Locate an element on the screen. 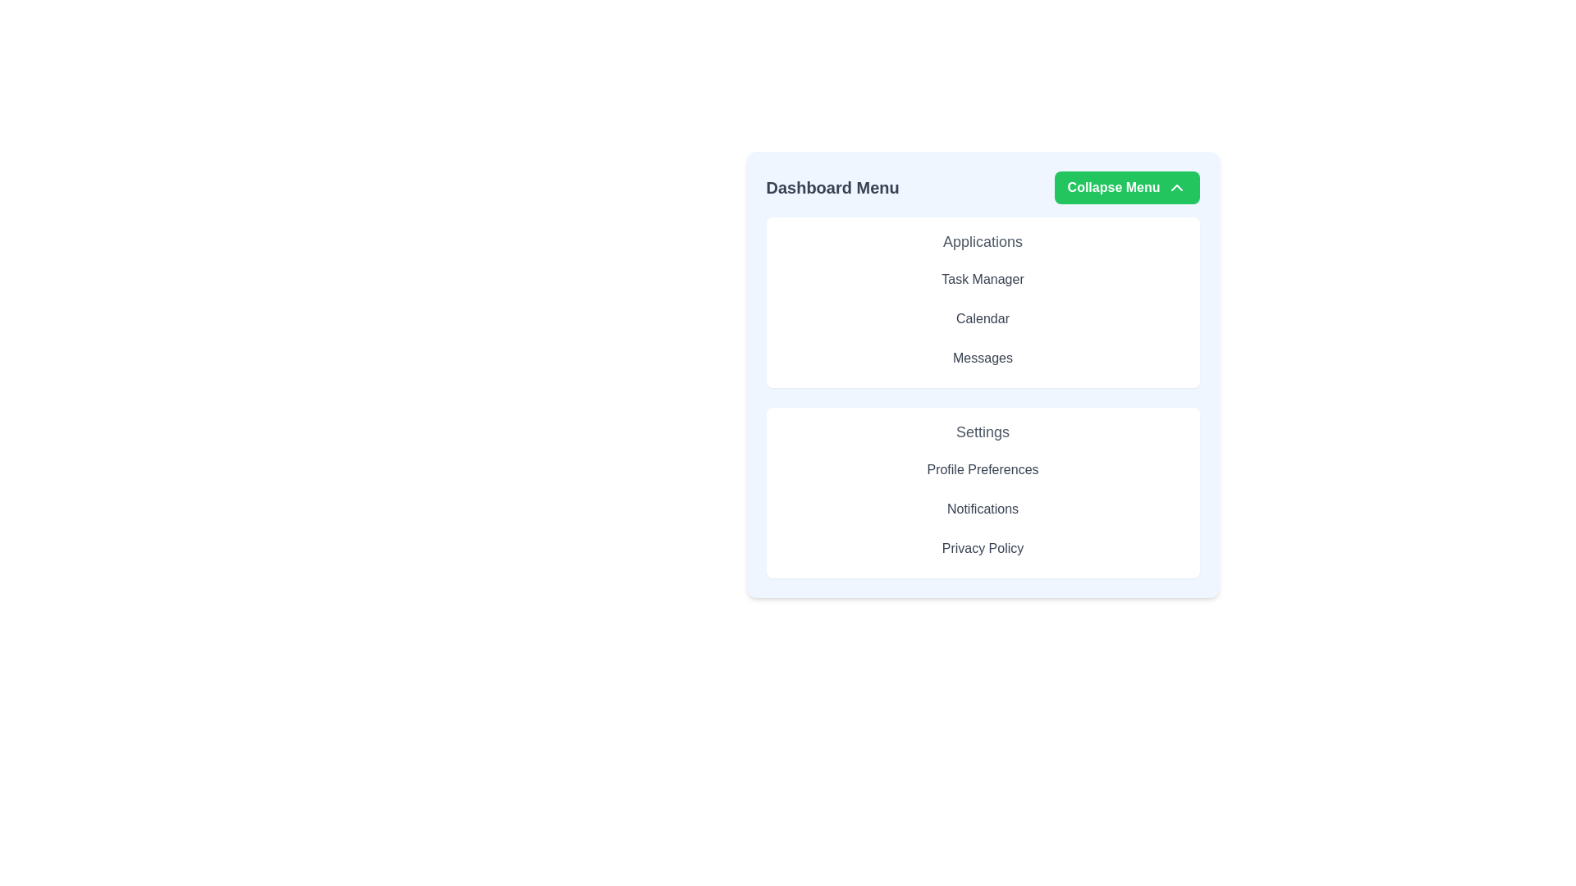  the 'Profile Preferences' text label, which is styled with light-gray color, has rounded edges, and changes color on hover. It is located below the 'Settings' section header and above 'Notifications' is located at coordinates (983, 470).